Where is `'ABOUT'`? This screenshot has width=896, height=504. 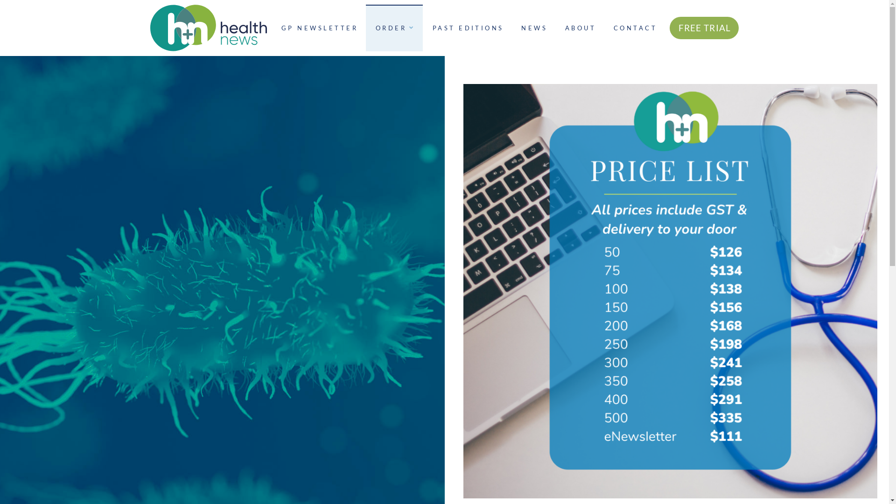 'ABOUT' is located at coordinates (555, 28).